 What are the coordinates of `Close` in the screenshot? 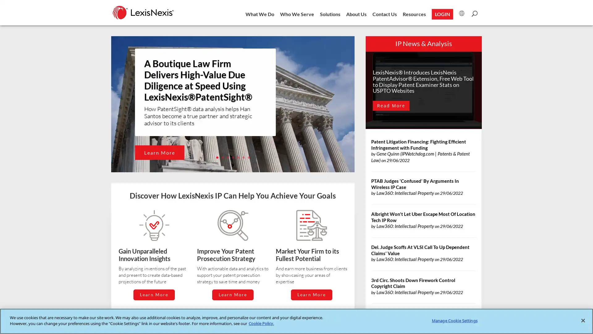 It's located at (582, 320).